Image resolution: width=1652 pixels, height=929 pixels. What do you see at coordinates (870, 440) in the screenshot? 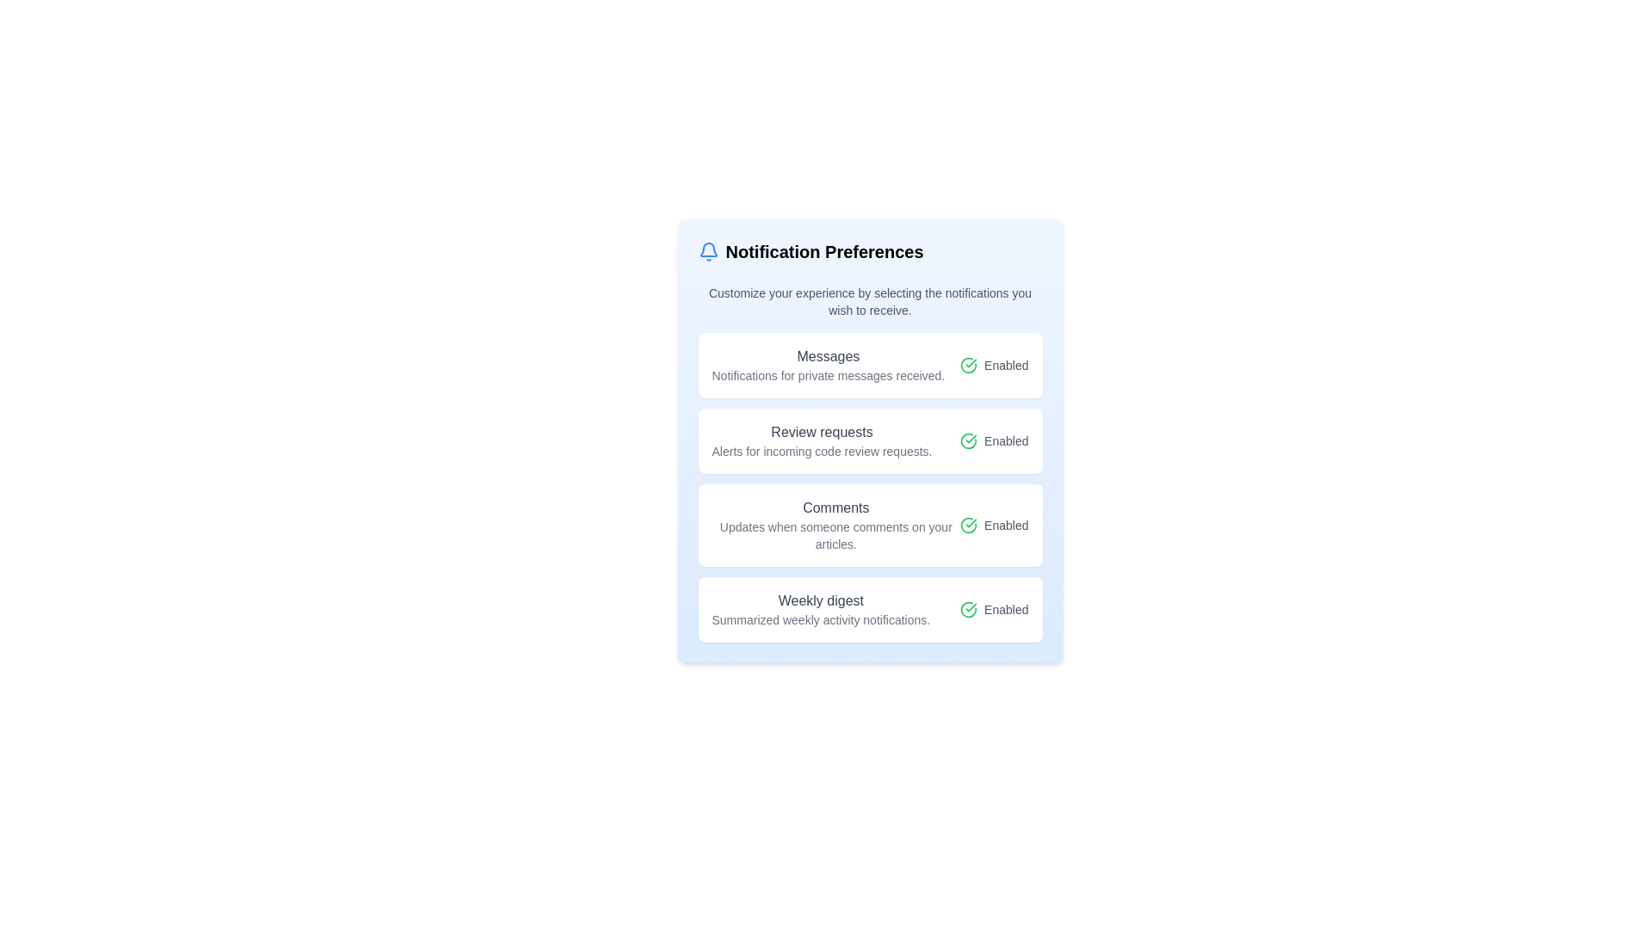
I see `the 'Review requests' notification setting toggle display, which is the second item in a vertically stacked list, located between 'Messages' and 'Comments'` at bounding box center [870, 440].